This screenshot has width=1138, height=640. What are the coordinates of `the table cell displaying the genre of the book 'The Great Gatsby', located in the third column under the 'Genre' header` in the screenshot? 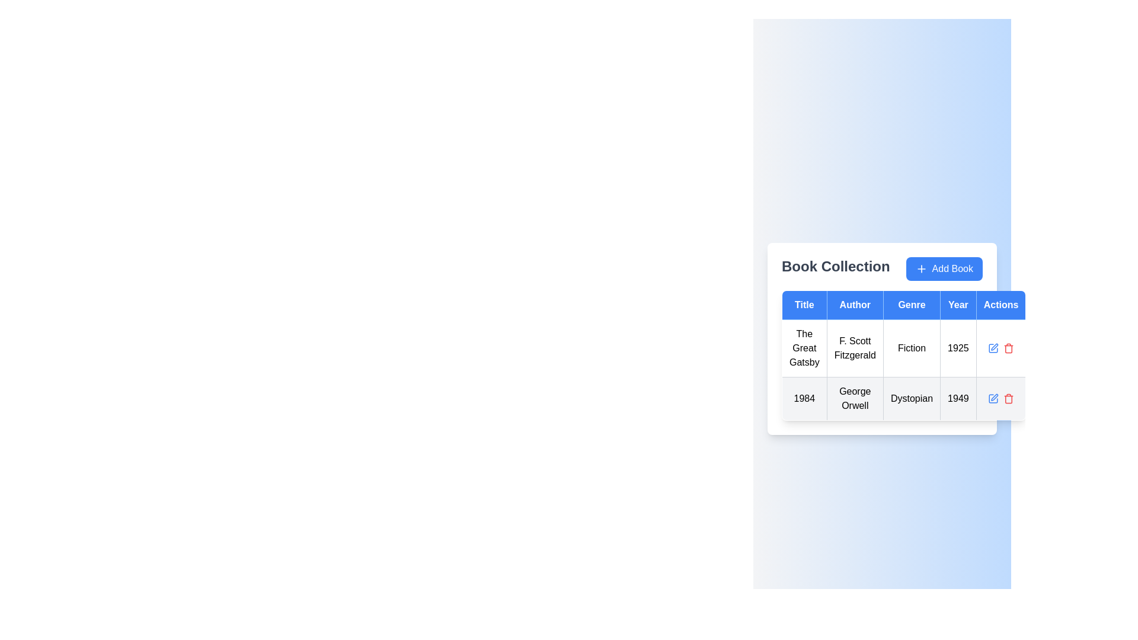 It's located at (903, 355).